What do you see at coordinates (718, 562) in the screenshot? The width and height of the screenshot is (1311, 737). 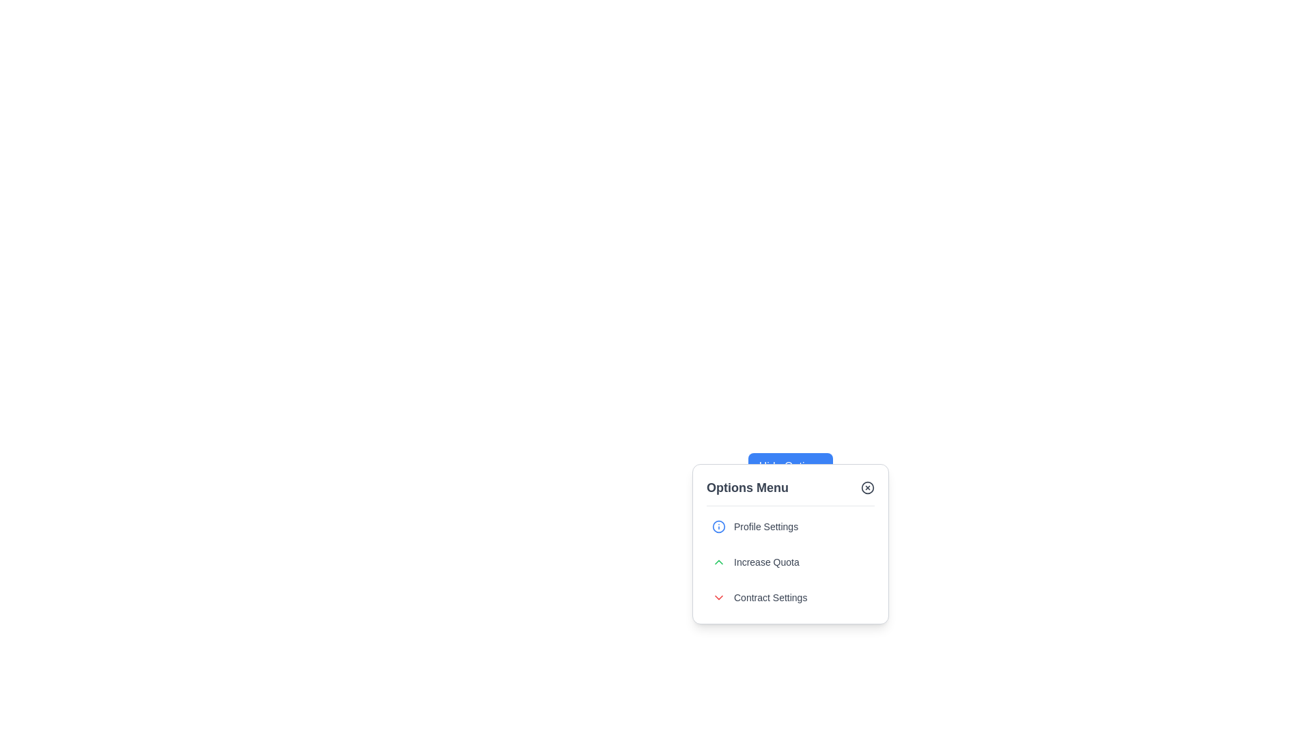 I see `the up-arrow icon that indicates an opportunity to increase a value, located to the left of the 'Increase Quota' text in the 'Options Menu'` at bounding box center [718, 562].